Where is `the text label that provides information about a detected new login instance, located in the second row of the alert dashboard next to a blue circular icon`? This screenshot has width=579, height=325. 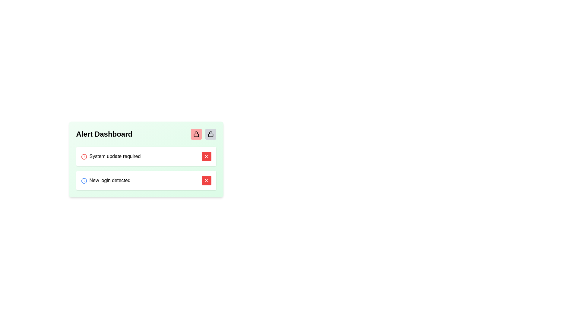 the text label that provides information about a detected new login instance, located in the second row of the alert dashboard next to a blue circular icon is located at coordinates (106, 180).